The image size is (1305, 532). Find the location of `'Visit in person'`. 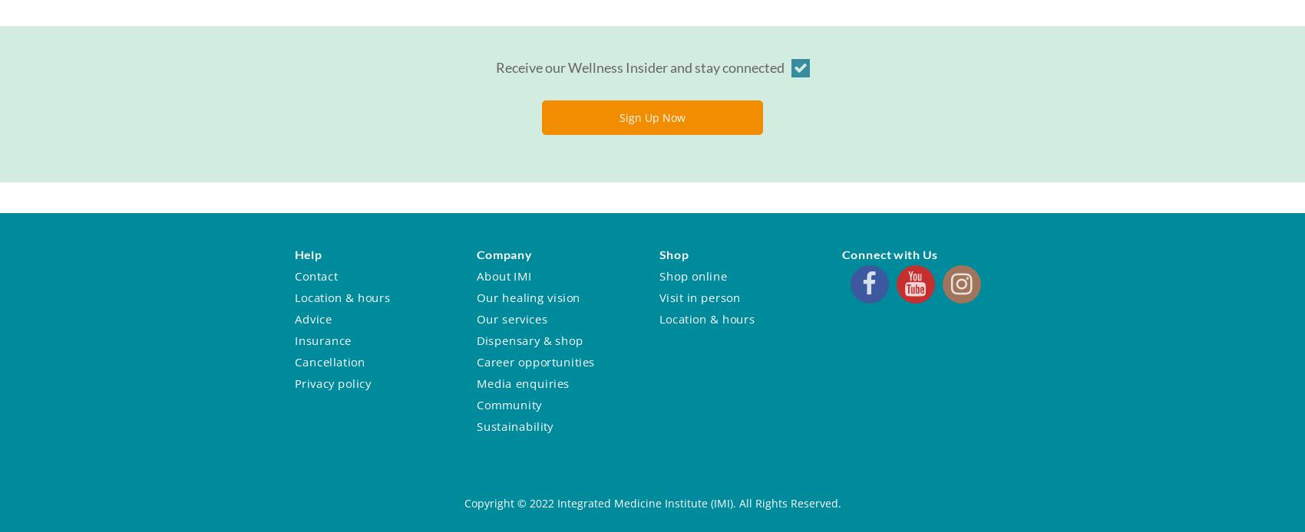

'Visit in person' is located at coordinates (699, 297).